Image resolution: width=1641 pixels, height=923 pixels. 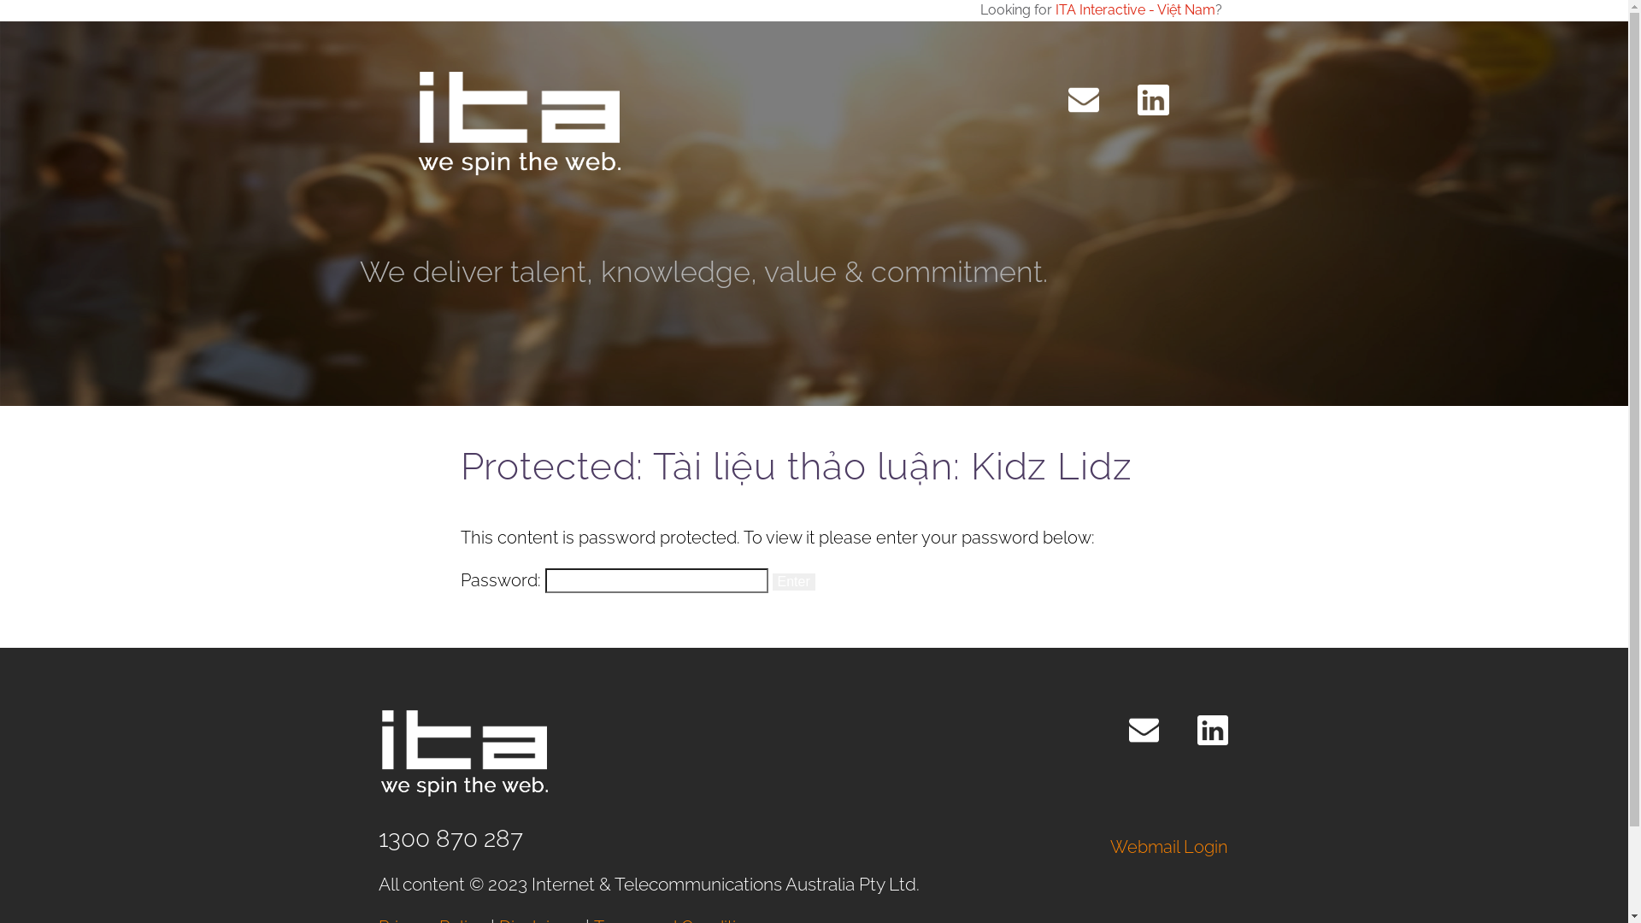 What do you see at coordinates (793, 581) in the screenshot?
I see `'Enter'` at bounding box center [793, 581].